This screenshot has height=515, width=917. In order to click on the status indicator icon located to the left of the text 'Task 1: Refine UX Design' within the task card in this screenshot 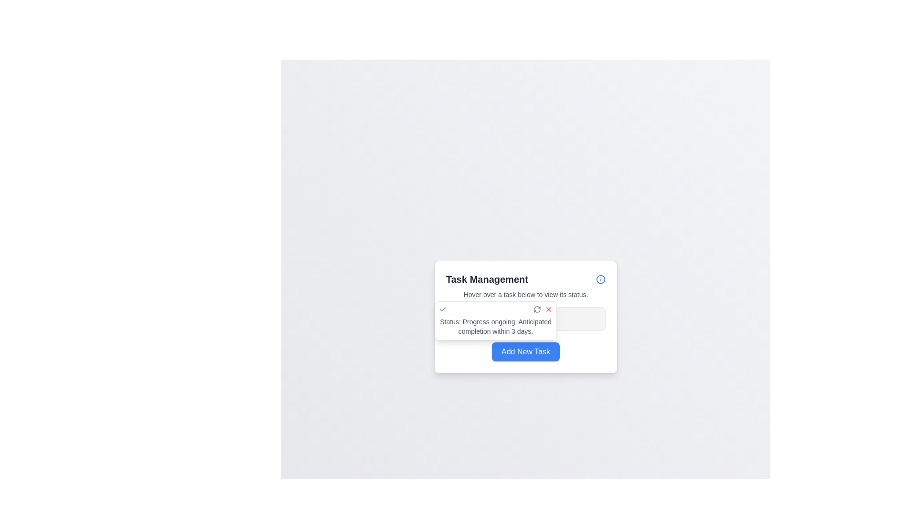, I will do `click(456, 319)`.